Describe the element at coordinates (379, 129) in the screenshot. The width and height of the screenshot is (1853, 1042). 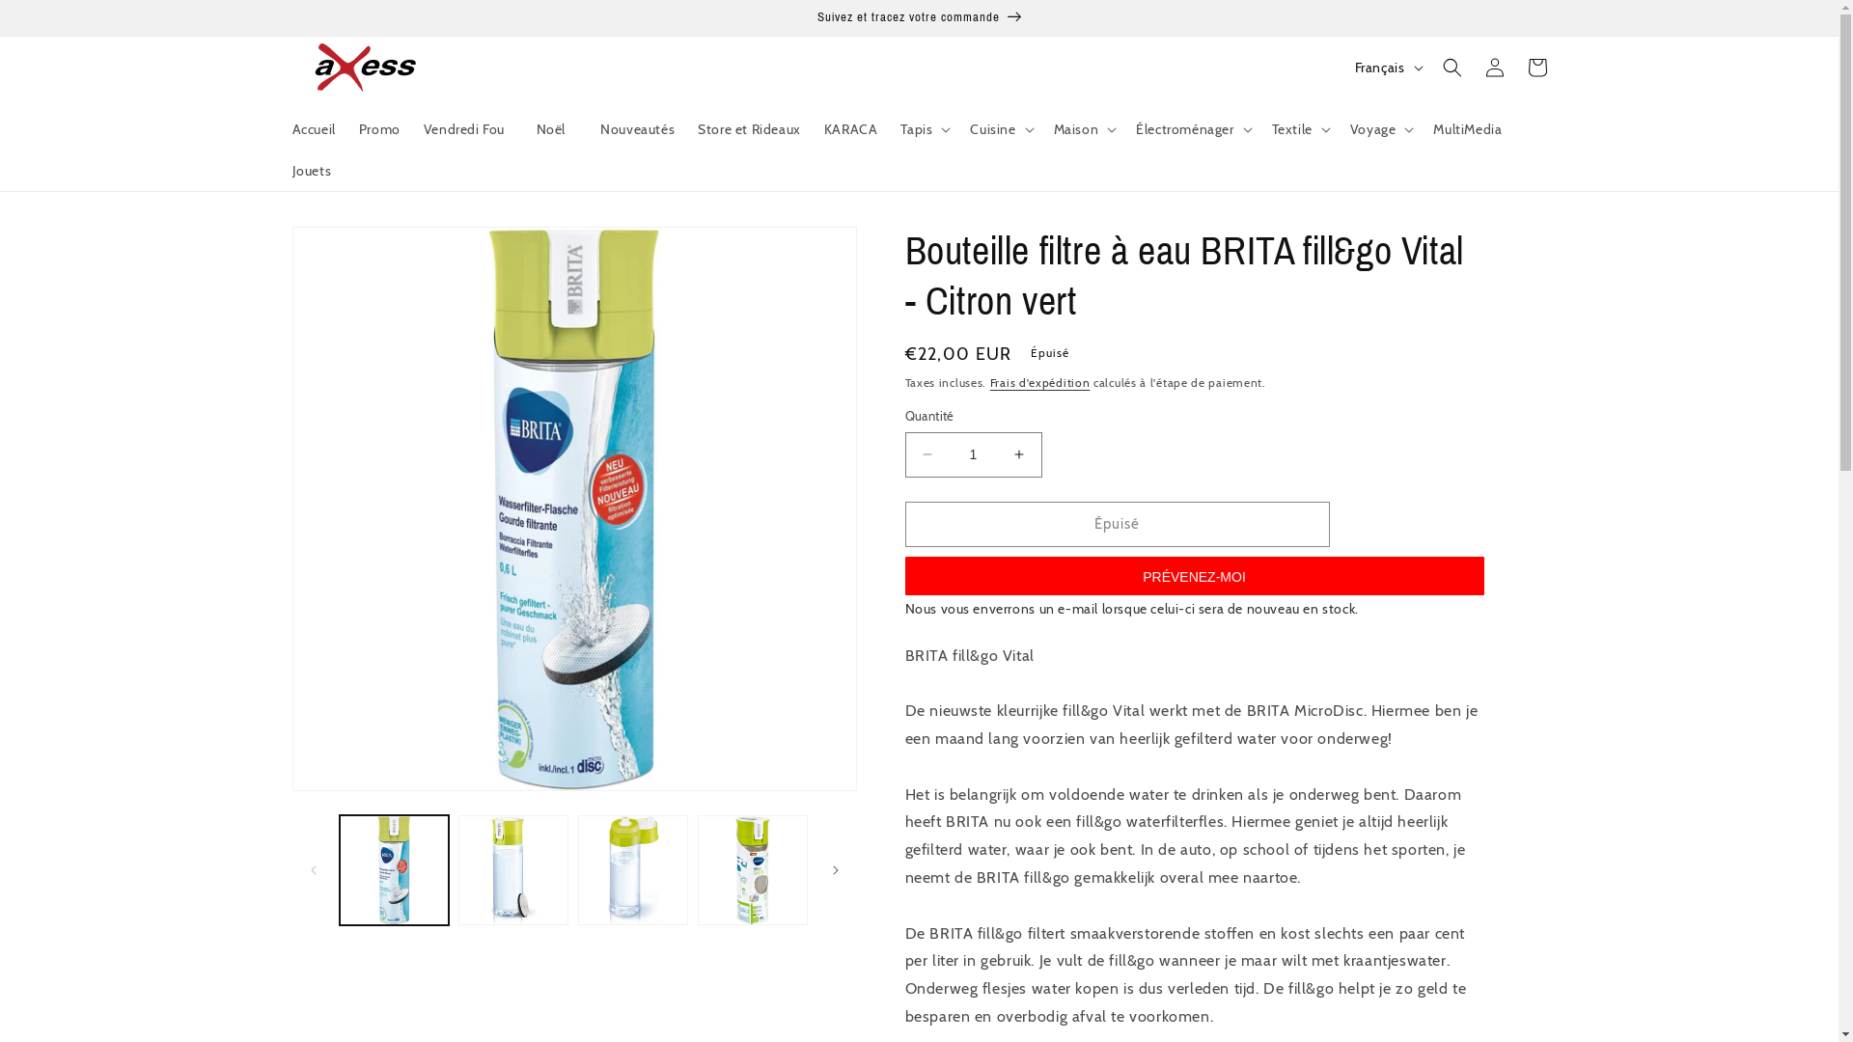
I see `'Promo'` at that location.